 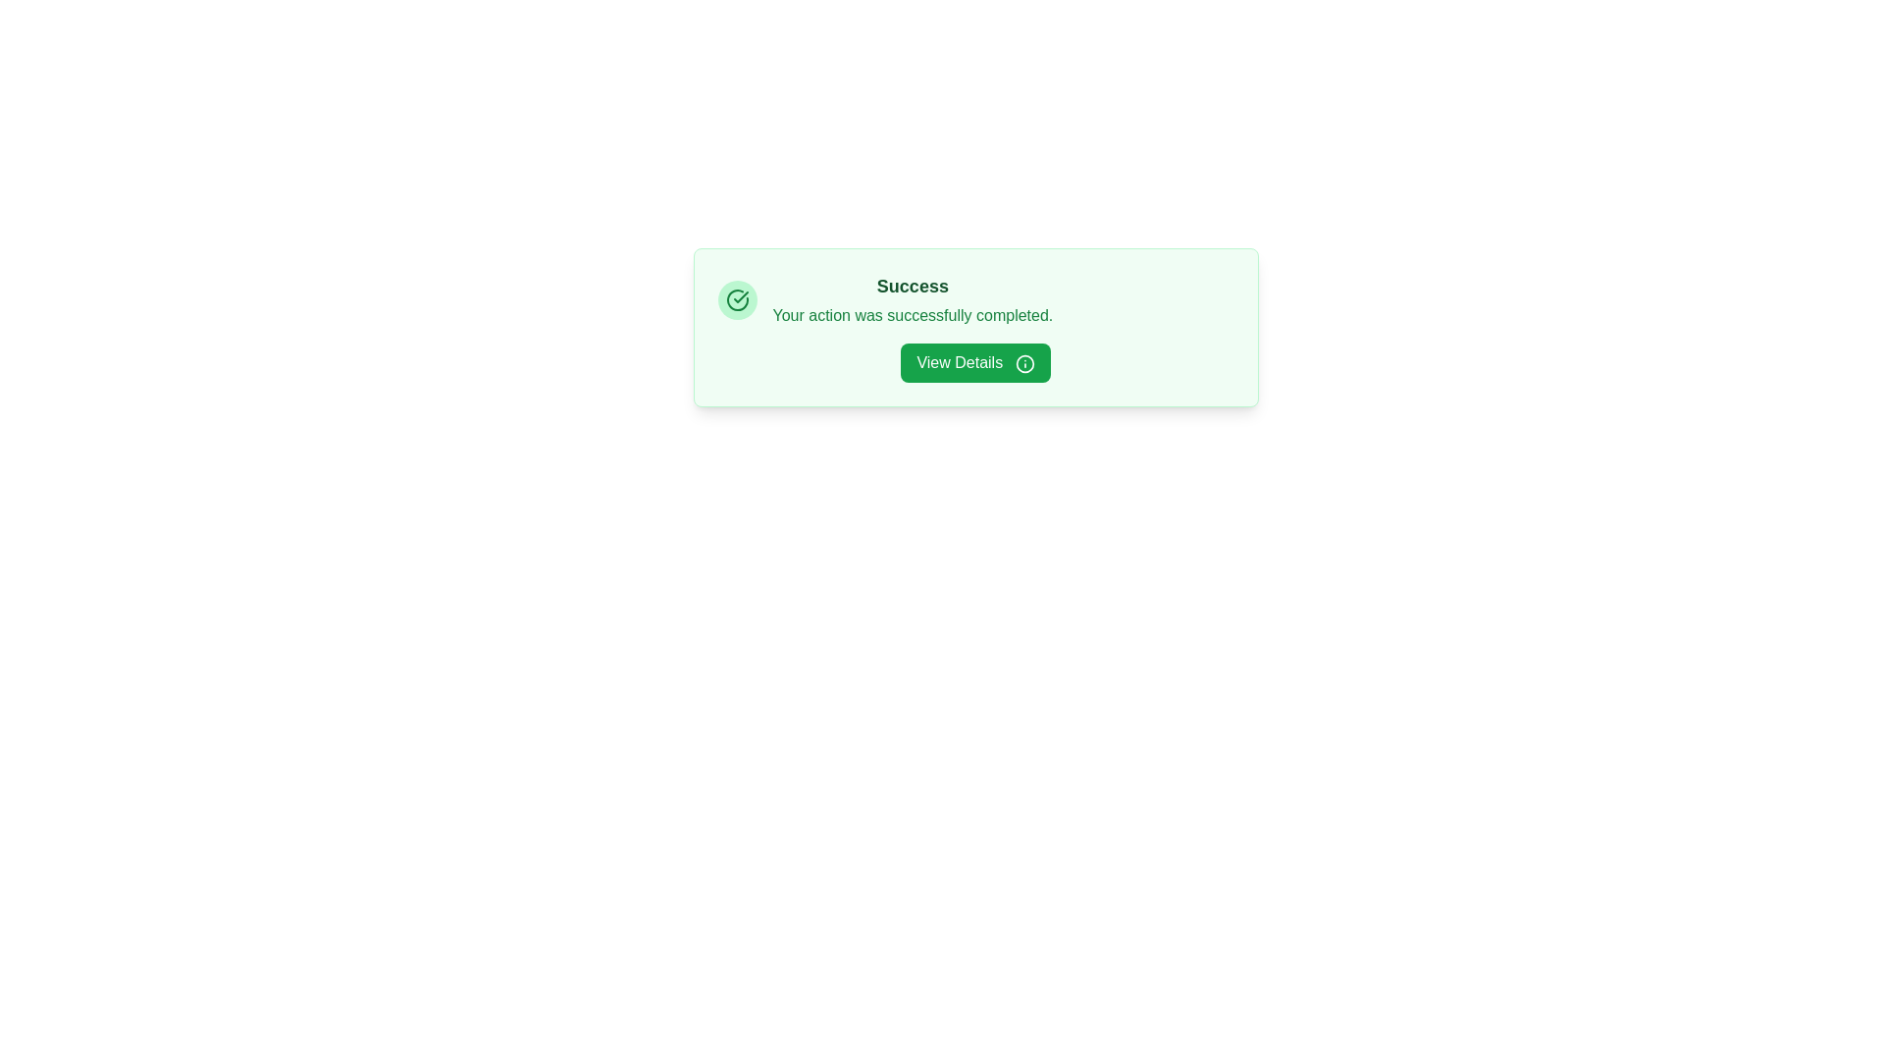 What do you see at coordinates (975, 363) in the screenshot?
I see `the 'View Details' button` at bounding box center [975, 363].